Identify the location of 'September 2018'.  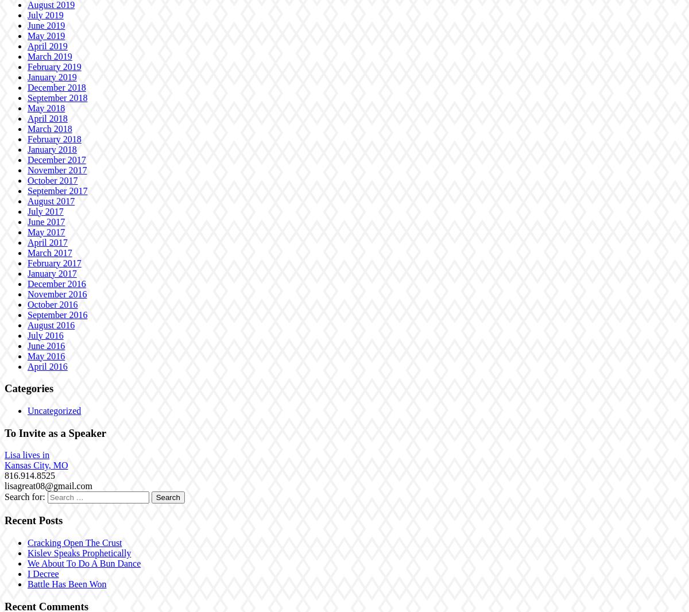
(28, 96).